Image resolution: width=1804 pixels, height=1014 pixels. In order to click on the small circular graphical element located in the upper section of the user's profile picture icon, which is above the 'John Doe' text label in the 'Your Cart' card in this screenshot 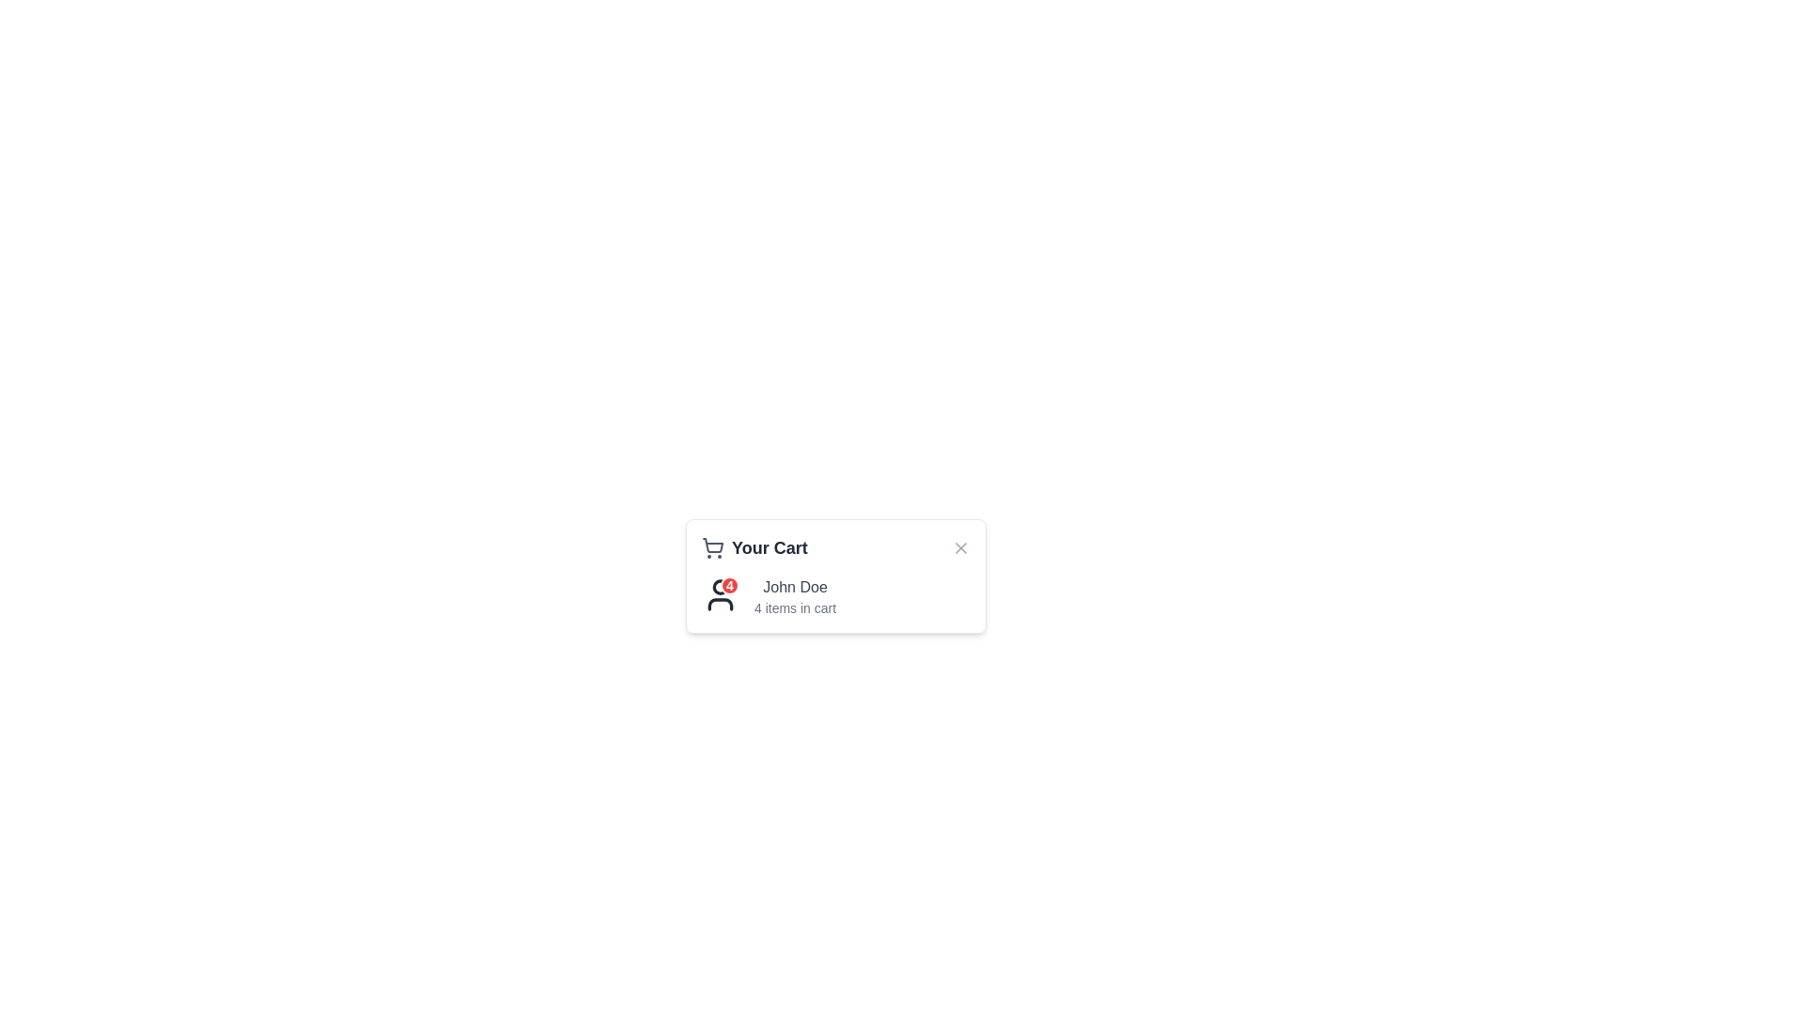, I will do `click(720, 585)`.